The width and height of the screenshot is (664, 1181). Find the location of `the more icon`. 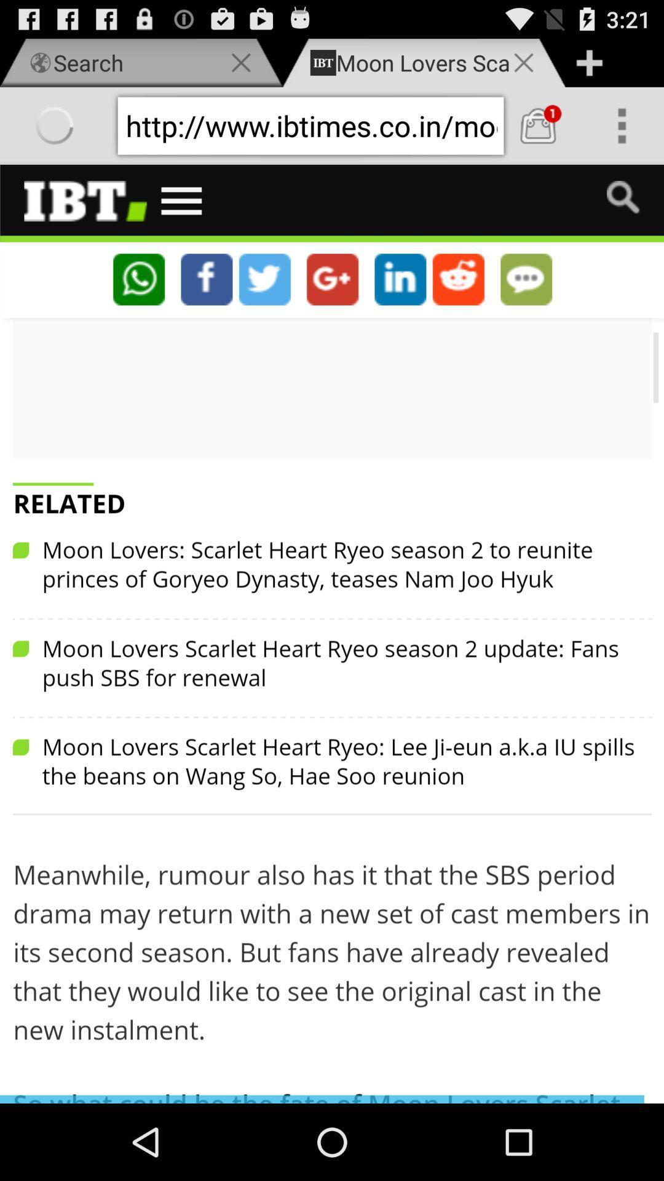

the more icon is located at coordinates (622, 135).